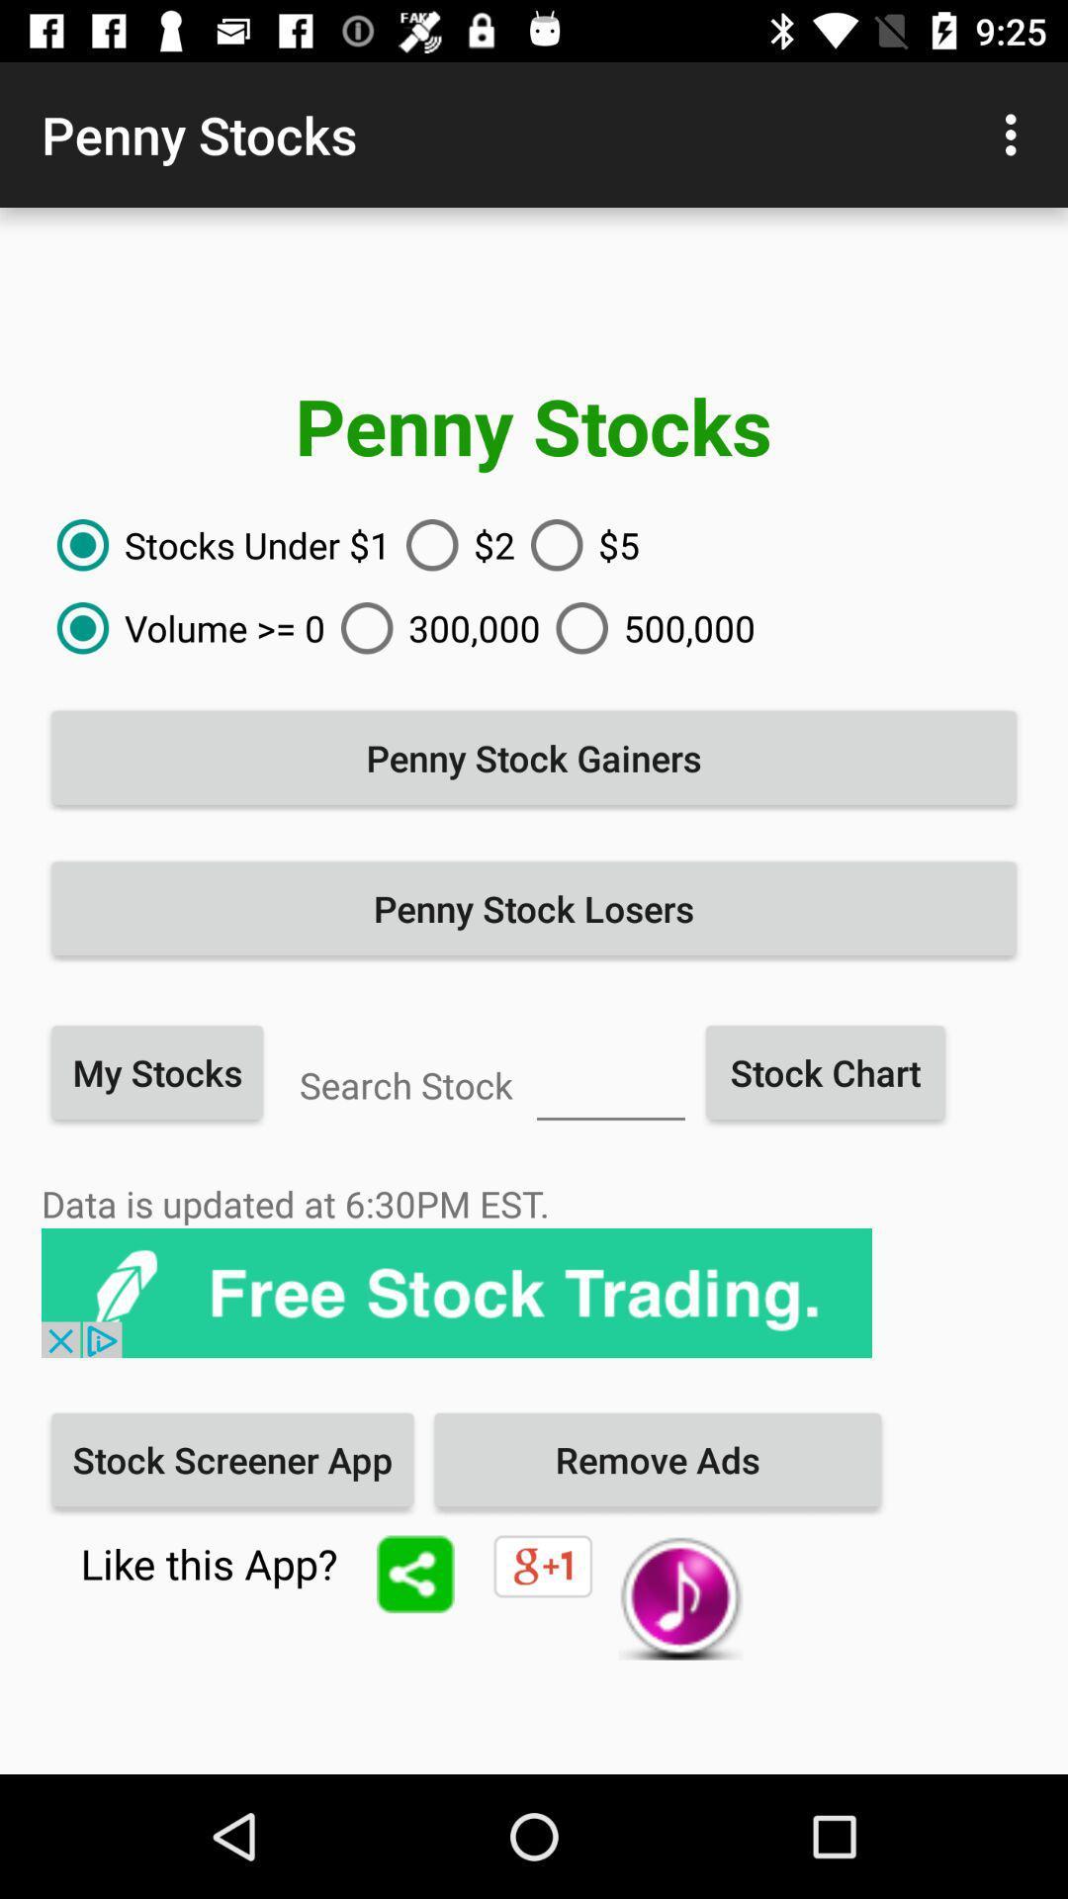 Image resolution: width=1068 pixels, height=1899 pixels. I want to click on item next to the like this app?, so click(414, 1573).